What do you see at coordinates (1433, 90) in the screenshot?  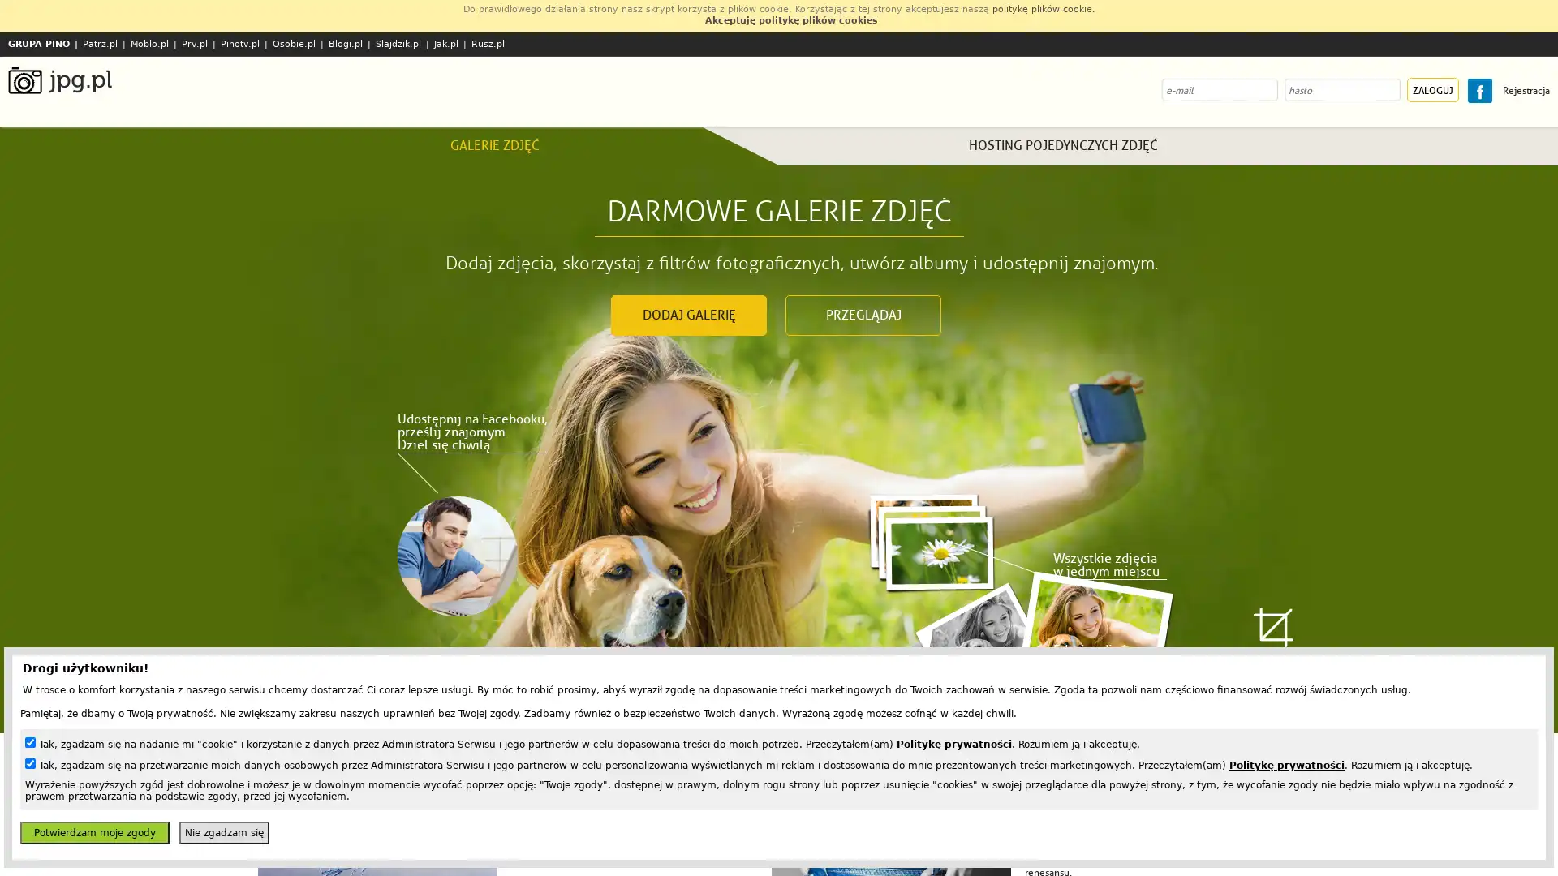 I see `Zaloguj` at bounding box center [1433, 90].